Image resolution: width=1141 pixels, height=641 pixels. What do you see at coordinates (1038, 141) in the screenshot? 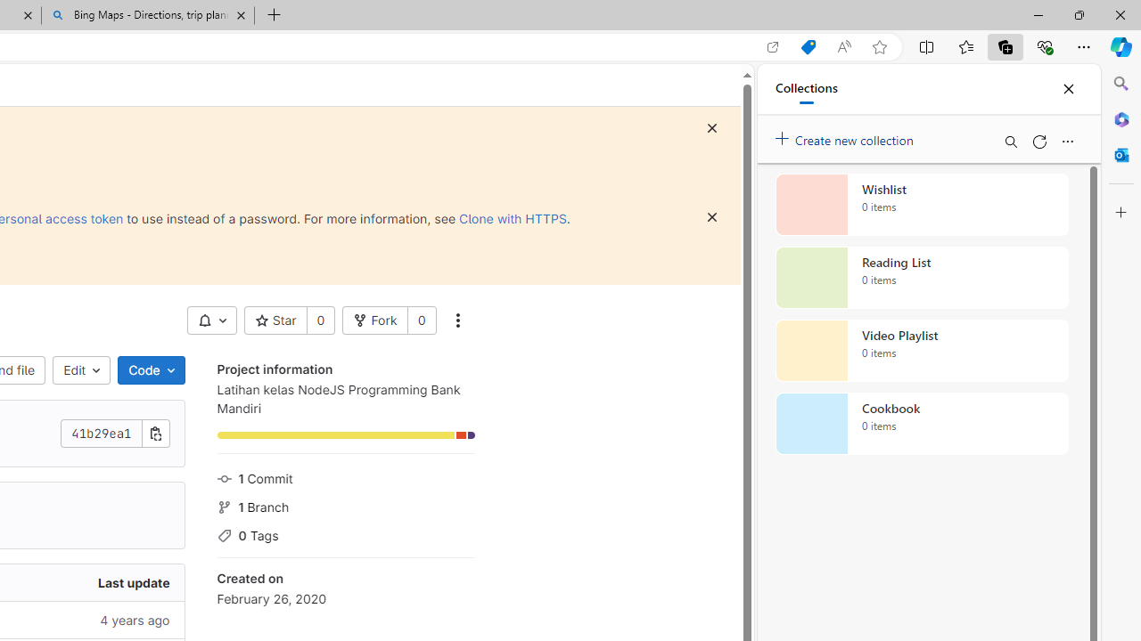
I see `'Refresh'` at bounding box center [1038, 141].